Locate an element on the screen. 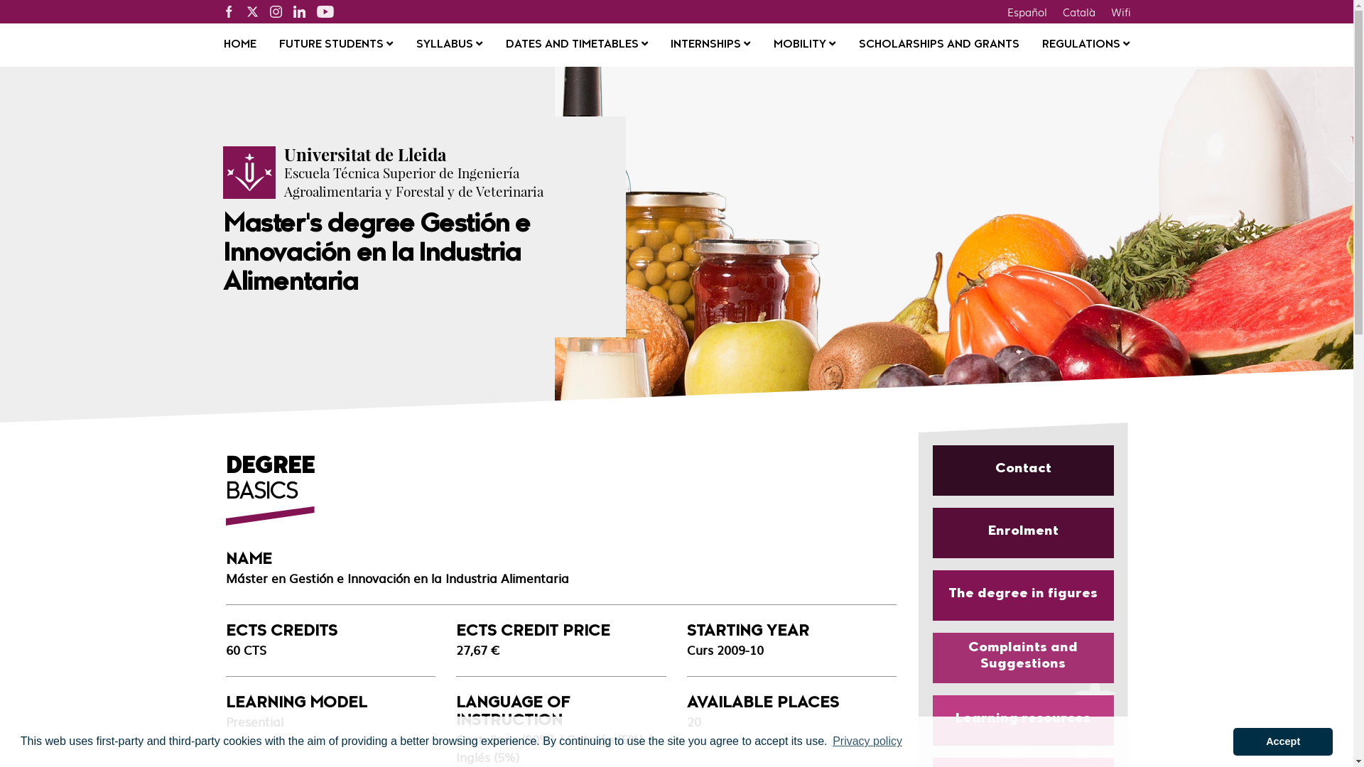 This screenshot has width=1364, height=767. 'MOBILITY' is located at coordinates (804, 44).